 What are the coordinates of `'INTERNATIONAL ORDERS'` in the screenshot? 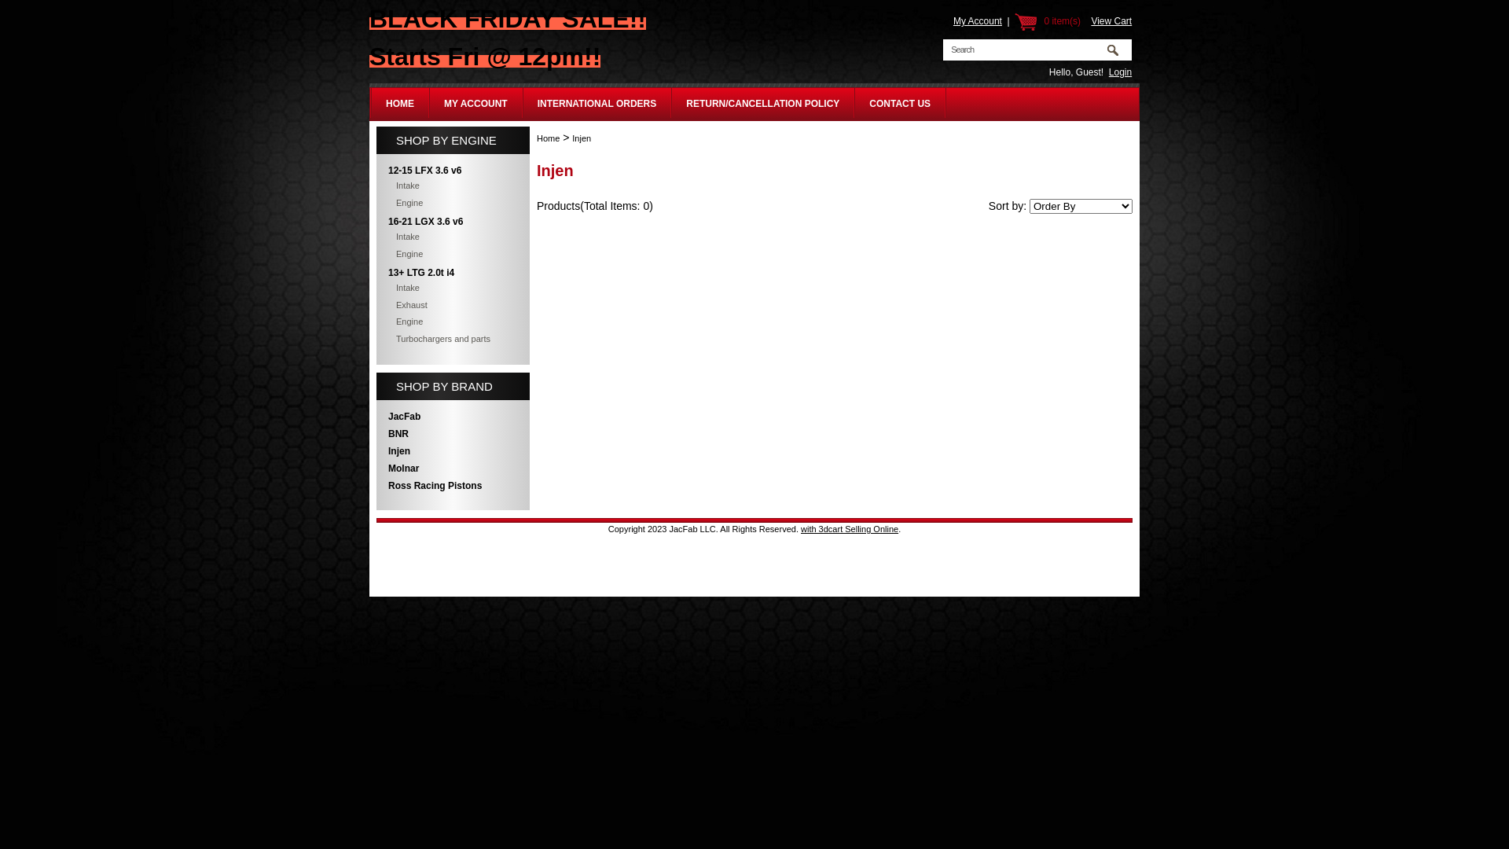 It's located at (596, 103).